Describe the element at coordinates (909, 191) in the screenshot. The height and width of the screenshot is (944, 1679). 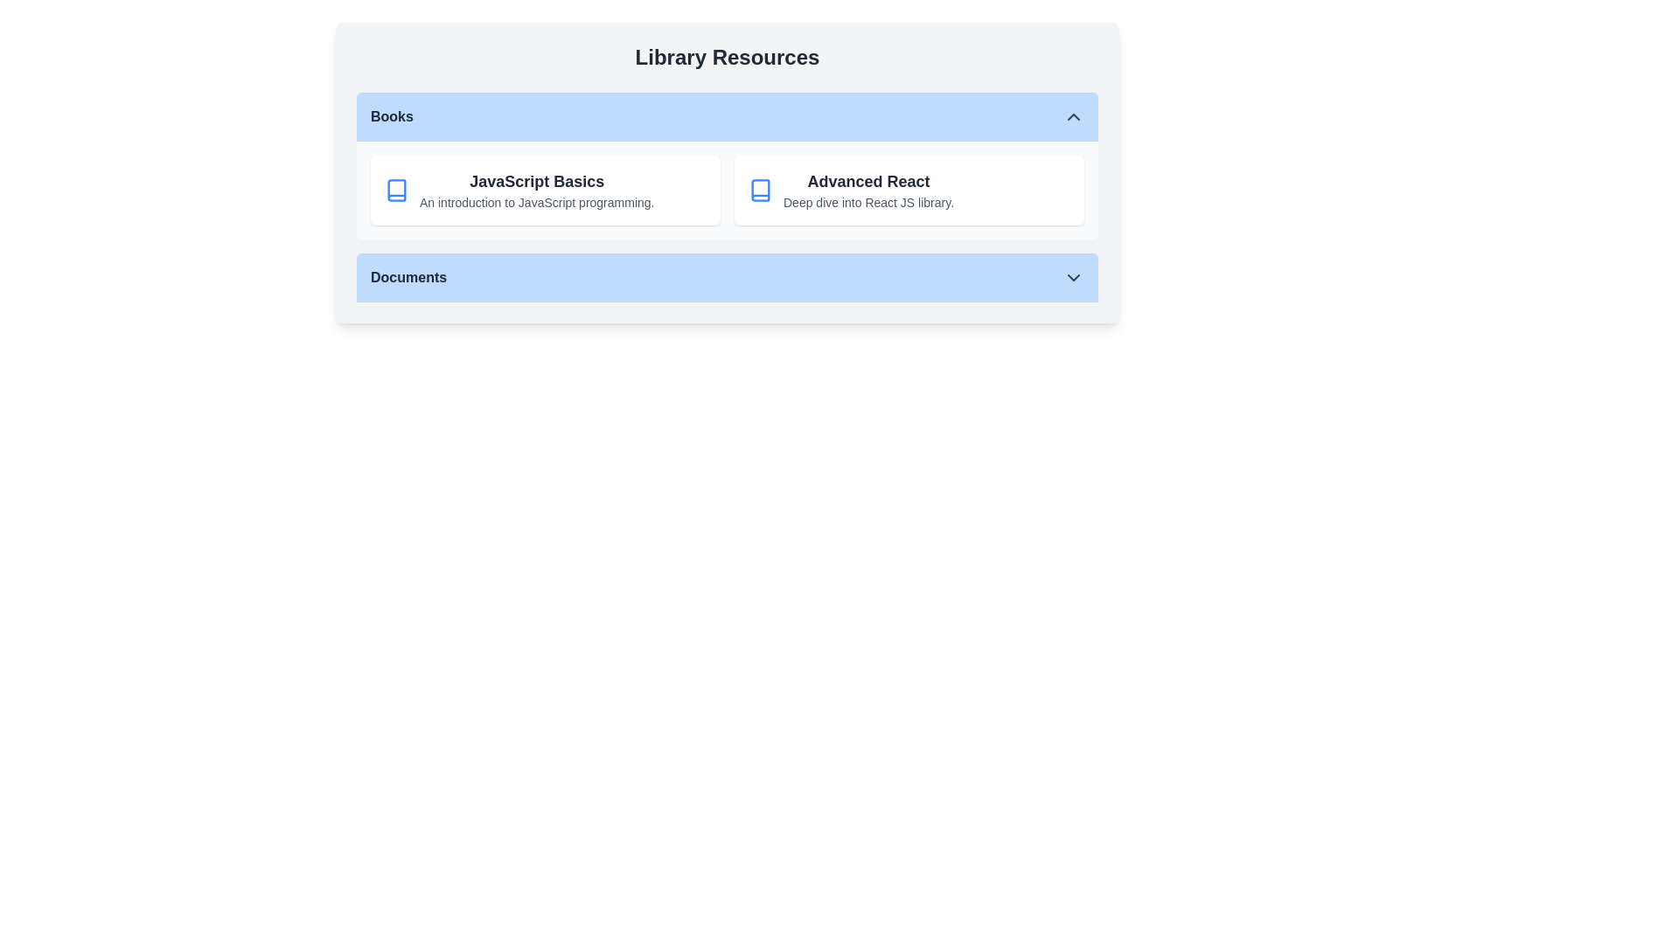
I see `the second card in the 'Books' section of the 'Library Resources' panel, which provides information about 'Advanced React.'` at that location.